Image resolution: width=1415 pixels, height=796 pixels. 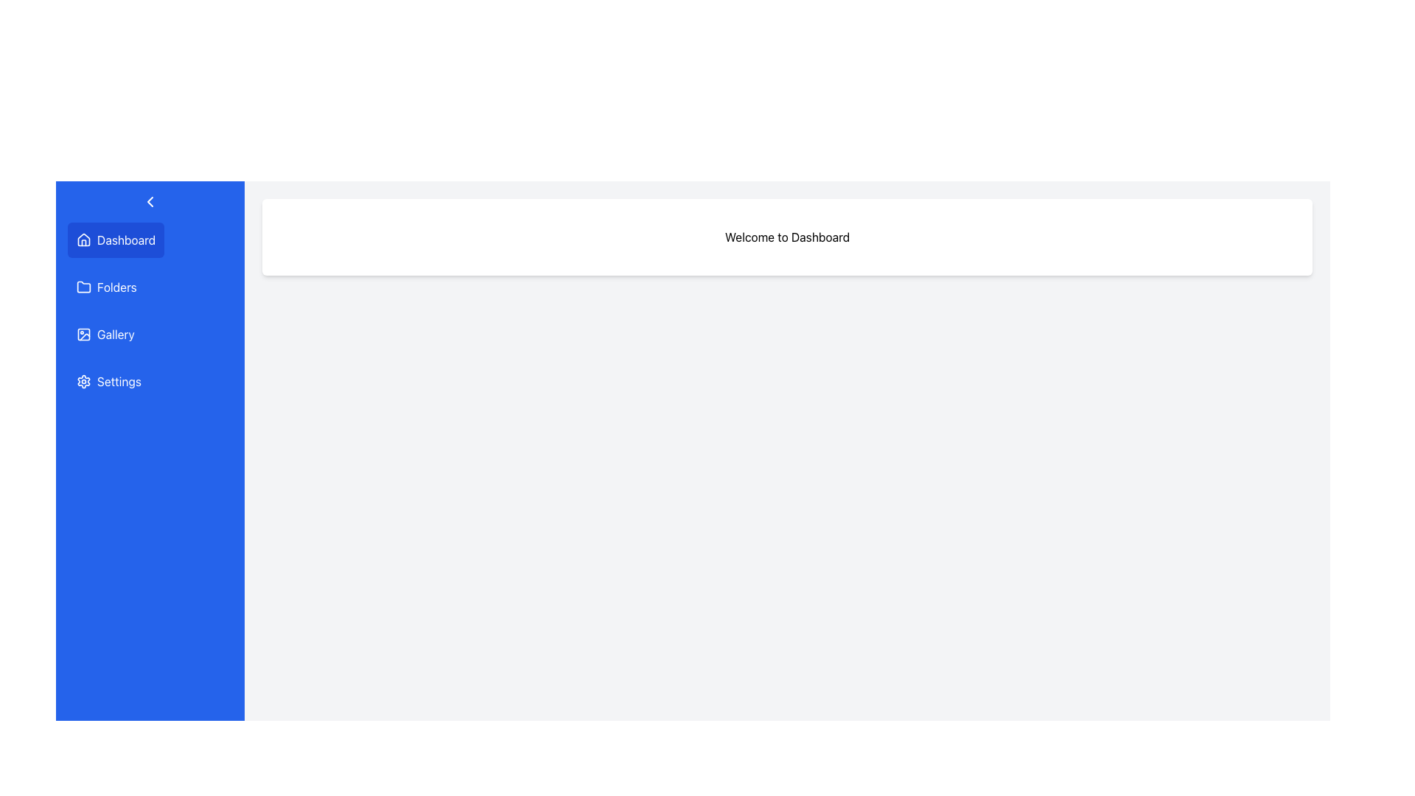 I want to click on the blue folder icon located in the vertical sidebar menu, positioned below the 'Dashboard' and above the 'Gallery', so click(x=83, y=287).